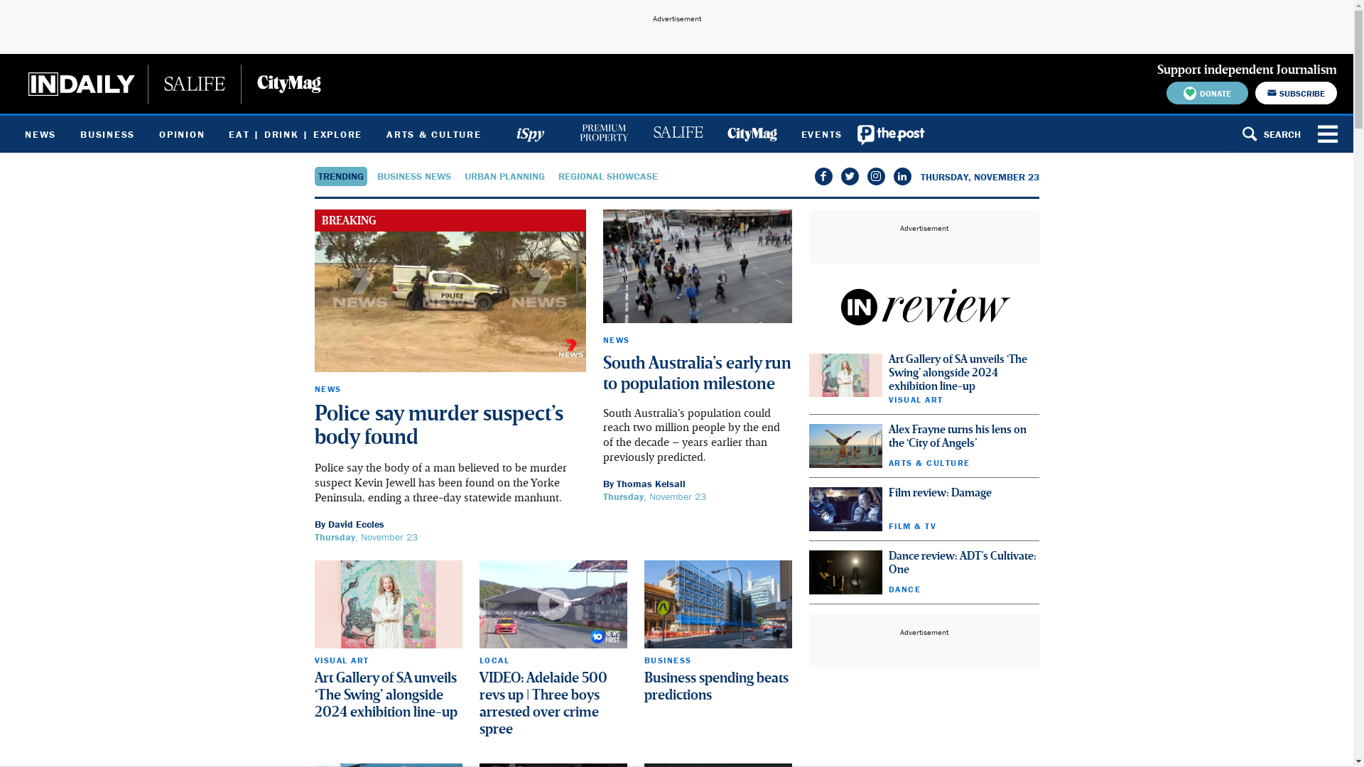 The image size is (1364, 767). I want to click on 'EAT | DRINK | EXPLORE', so click(295, 134).